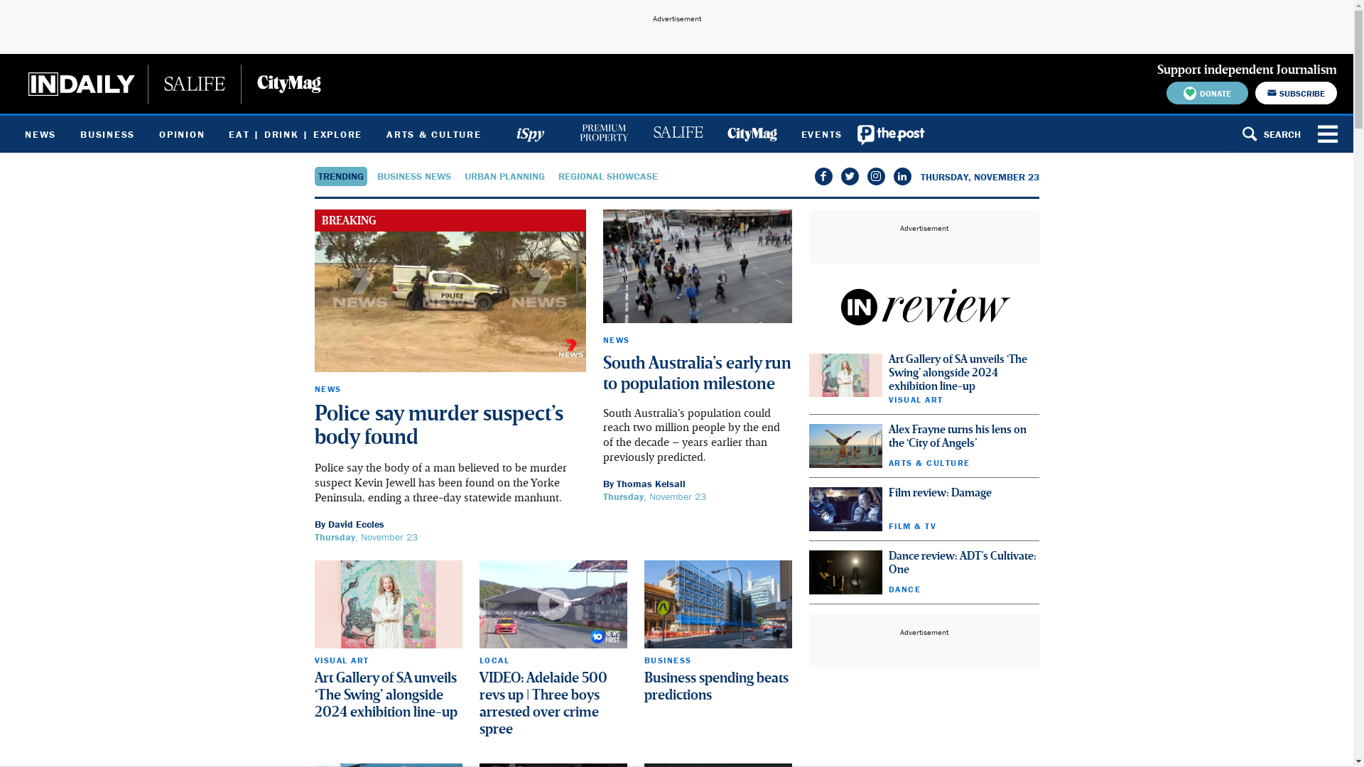 The image size is (1364, 767). I want to click on 'EAT | DRINK | EXPLORE', so click(295, 134).